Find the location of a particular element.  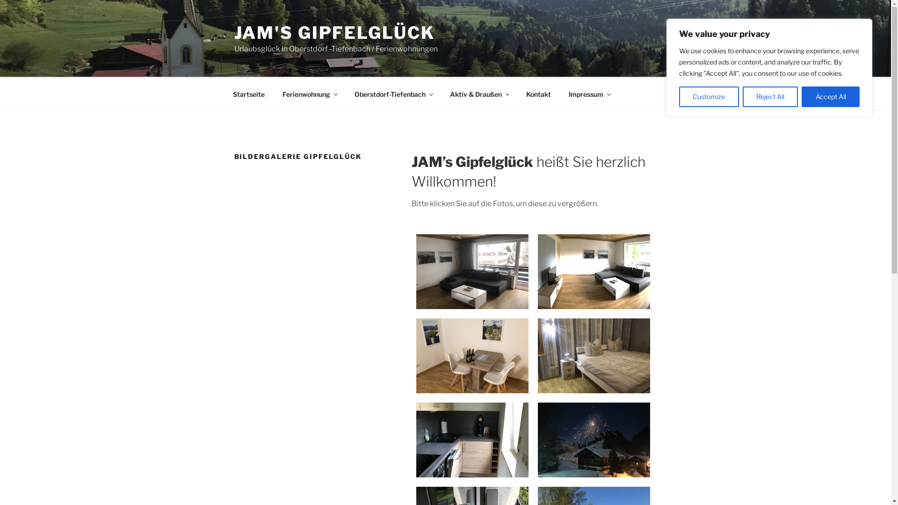

'Schlafzimmer' is located at coordinates (538, 355).